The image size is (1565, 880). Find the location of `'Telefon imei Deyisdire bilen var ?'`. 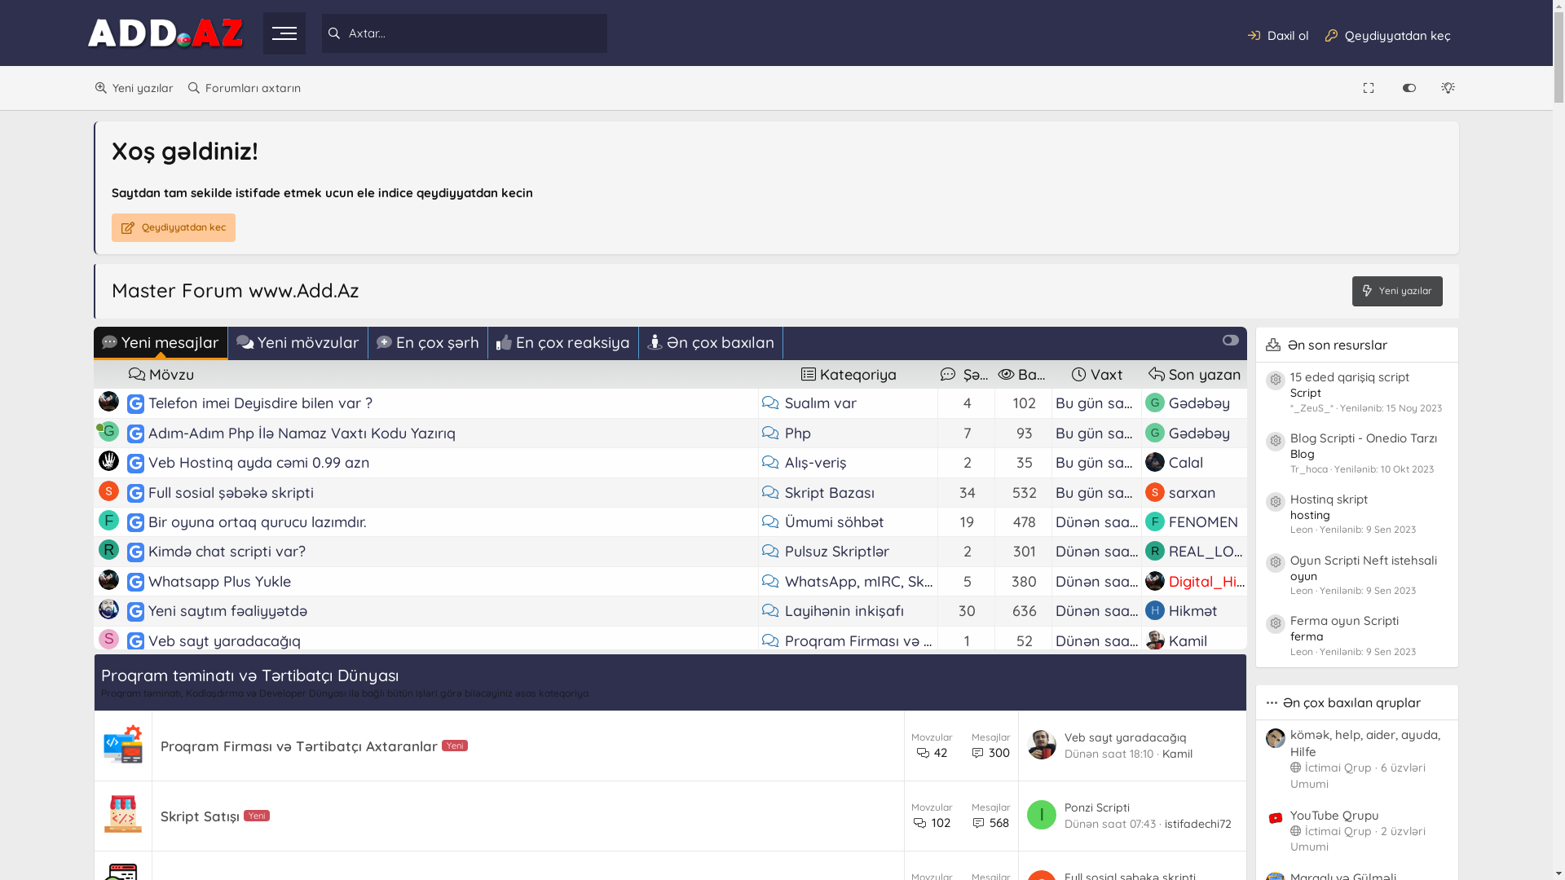

'Telefon imei Deyisdire bilen var ?' is located at coordinates (137, 403).